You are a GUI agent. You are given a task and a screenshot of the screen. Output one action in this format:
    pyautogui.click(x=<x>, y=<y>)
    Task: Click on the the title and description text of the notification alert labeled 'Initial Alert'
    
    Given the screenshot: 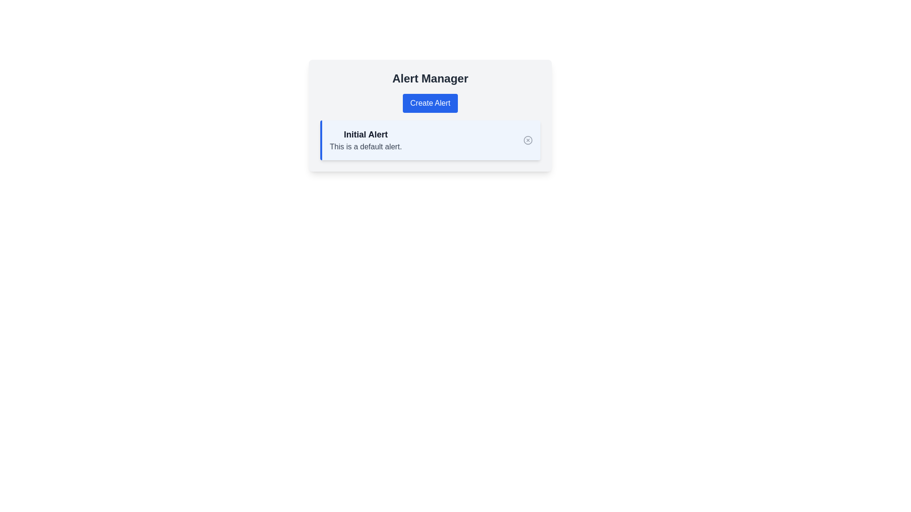 What is the action you would take?
    pyautogui.click(x=365, y=140)
    